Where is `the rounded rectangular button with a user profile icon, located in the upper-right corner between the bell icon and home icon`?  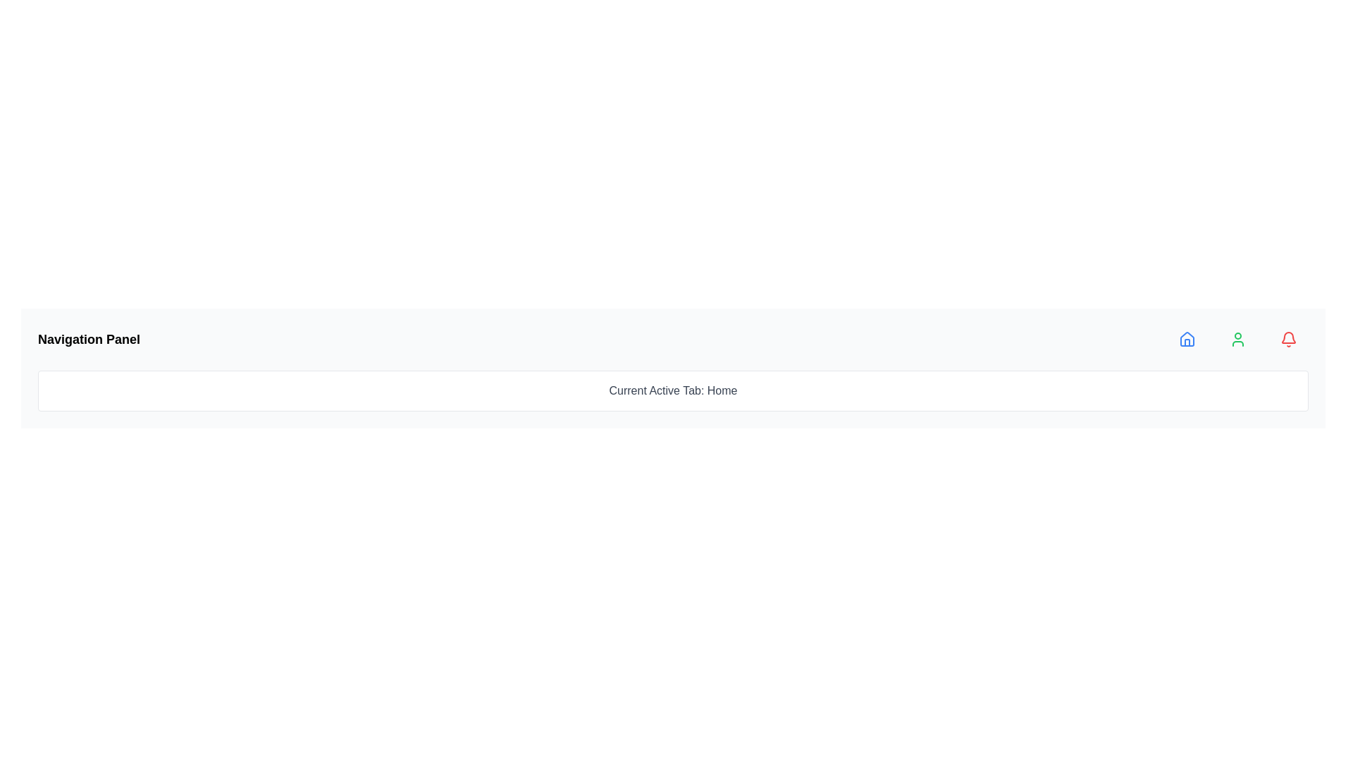
the rounded rectangular button with a user profile icon, located in the upper-right corner between the bell icon and home icon is located at coordinates (1237, 340).